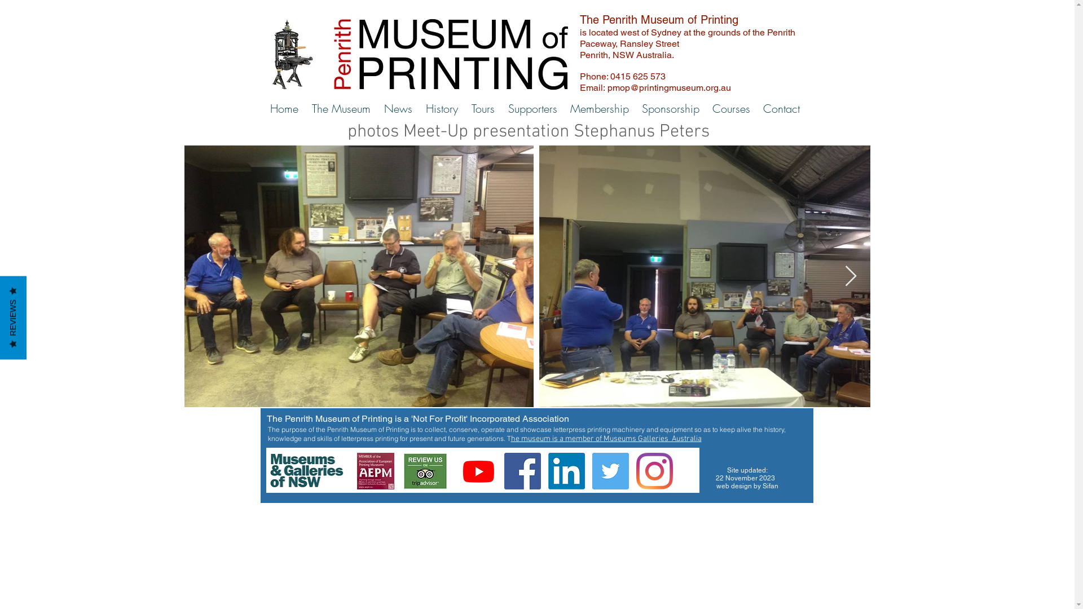 The width and height of the screenshot is (1083, 609). I want to click on 'Sponsorship', so click(670, 108).